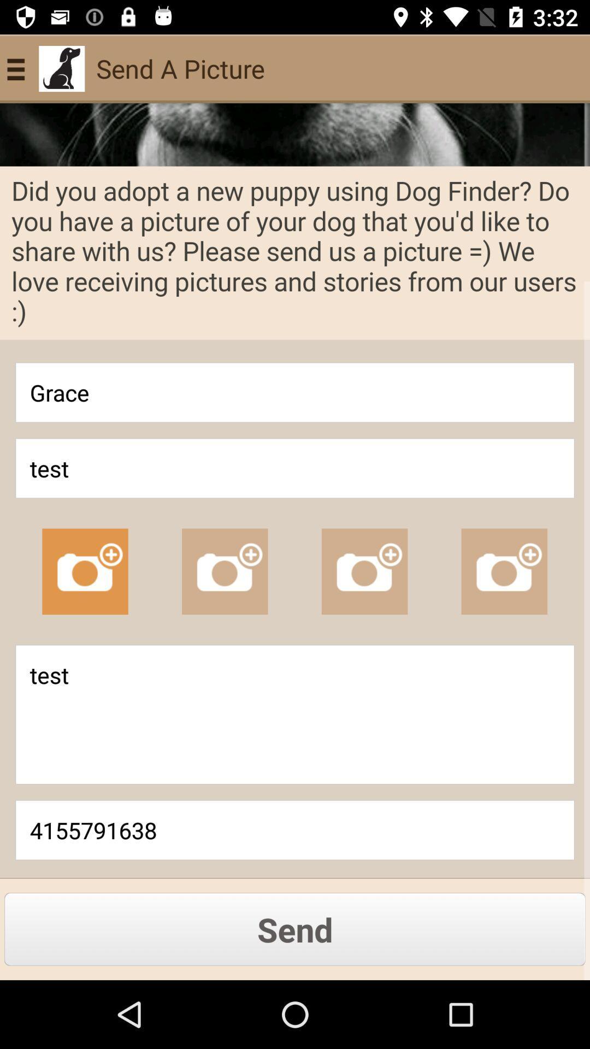 The height and width of the screenshot is (1049, 590). Describe the element at coordinates (61, 68) in the screenshot. I see `the image to the right of menu icon at the top left corner` at that location.